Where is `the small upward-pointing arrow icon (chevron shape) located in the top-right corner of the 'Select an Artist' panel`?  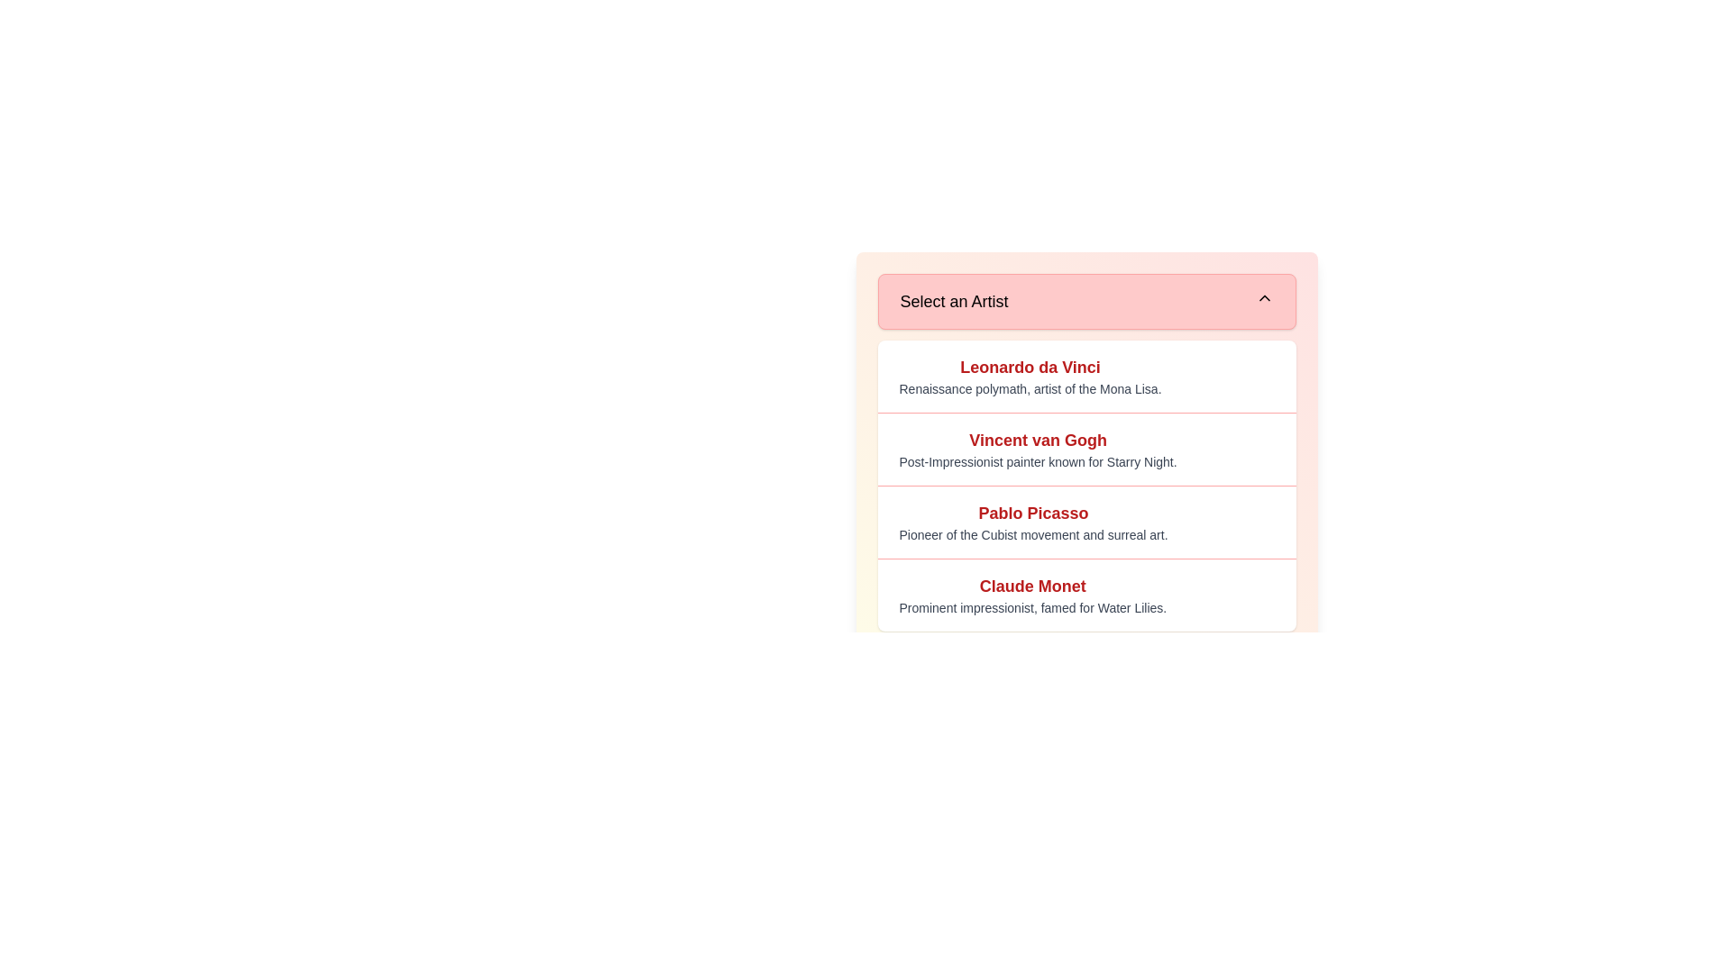 the small upward-pointing arrow icon (chevron shape) located in the top-right corner of the 'Select an Artist' panel is located at coordinates (1263, 297).